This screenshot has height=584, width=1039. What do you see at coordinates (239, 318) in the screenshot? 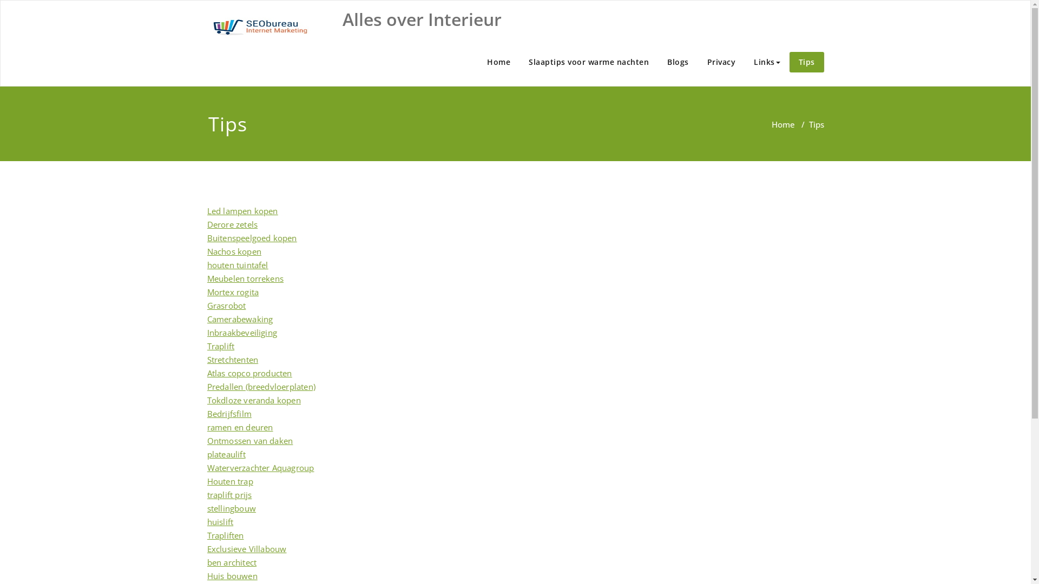
I see `'Camerabewaking'` at bounding box center [239, 318].